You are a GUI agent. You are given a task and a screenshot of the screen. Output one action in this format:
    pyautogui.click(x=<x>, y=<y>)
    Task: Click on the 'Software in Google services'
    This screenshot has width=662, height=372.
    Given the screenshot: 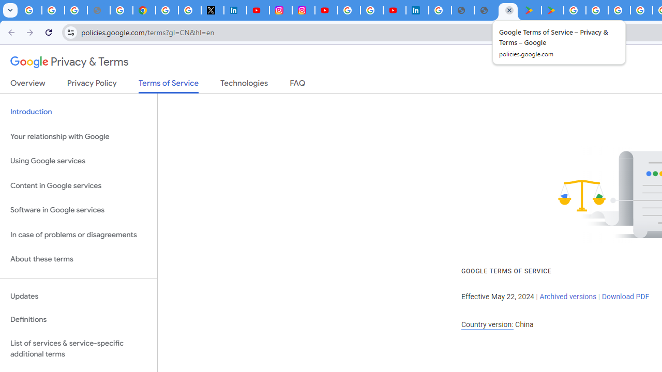 What is the action you would take?
    pyautogui.click(x=78, y=210)
    